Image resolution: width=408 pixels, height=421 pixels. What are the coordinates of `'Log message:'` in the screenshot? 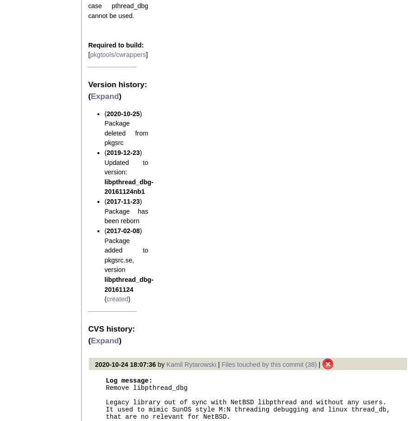 It's located at (129, 380).